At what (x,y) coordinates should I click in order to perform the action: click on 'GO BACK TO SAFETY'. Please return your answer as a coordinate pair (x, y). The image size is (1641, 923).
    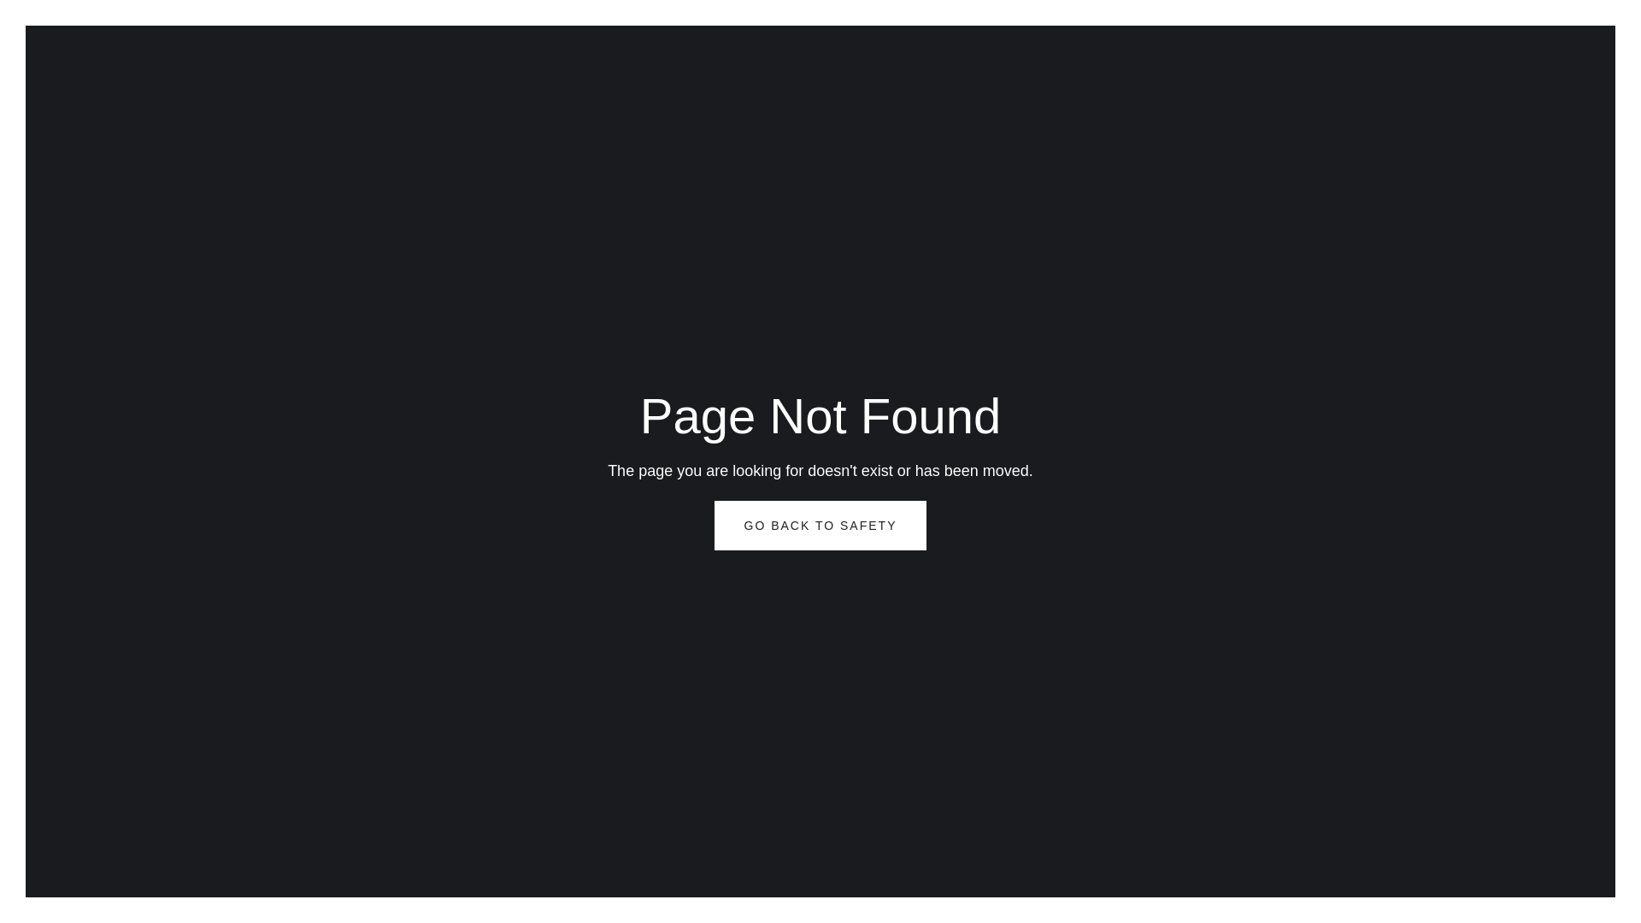
    Looking at the image, I should click on (820, 524).